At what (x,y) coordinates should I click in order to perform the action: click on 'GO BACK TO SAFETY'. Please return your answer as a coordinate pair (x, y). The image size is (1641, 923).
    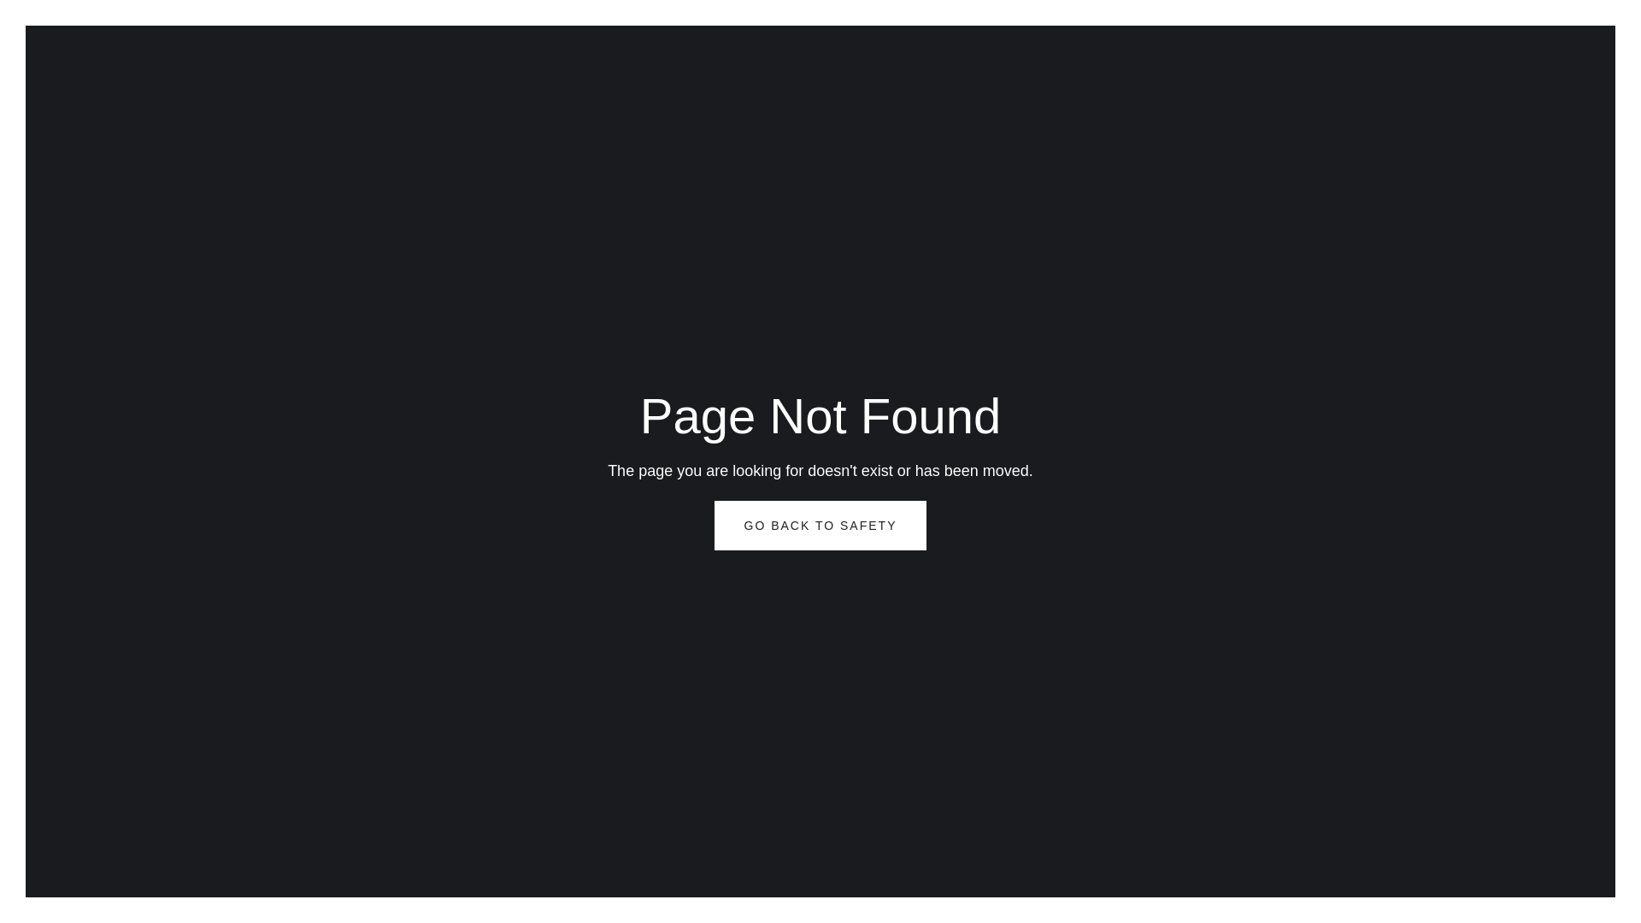
    Looking at the image, I should click on (820, 524).